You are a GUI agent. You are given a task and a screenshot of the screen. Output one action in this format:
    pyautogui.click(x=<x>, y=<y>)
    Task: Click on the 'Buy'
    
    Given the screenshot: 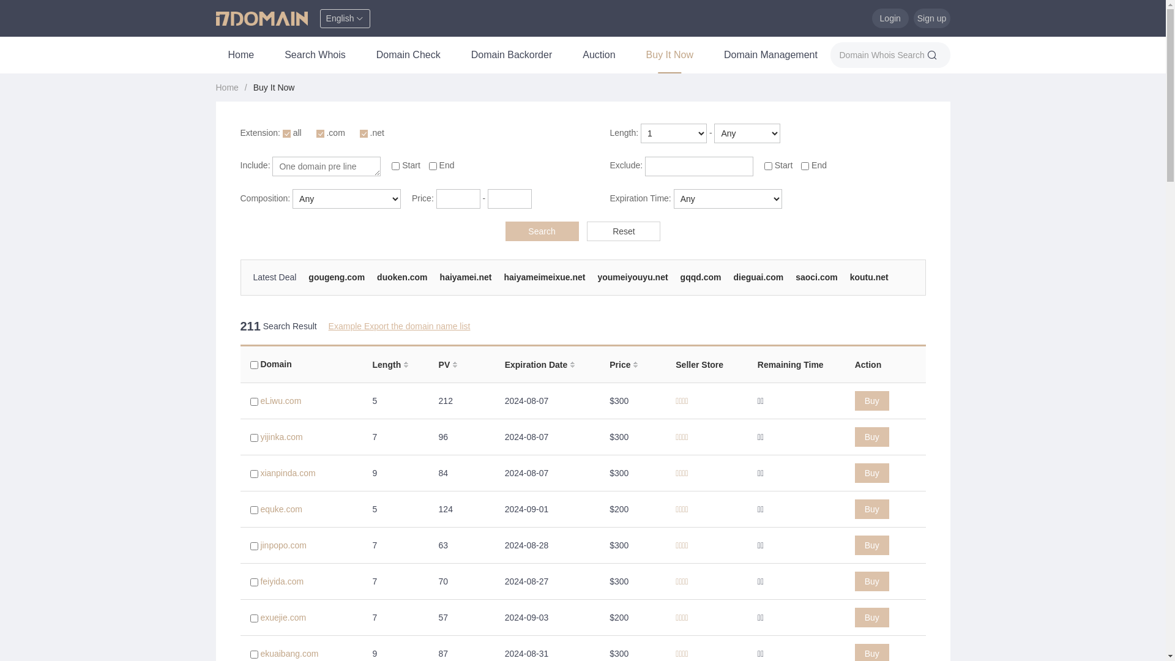 What is the action you would take?
    pyautogui.click(x=871, y=618)
    